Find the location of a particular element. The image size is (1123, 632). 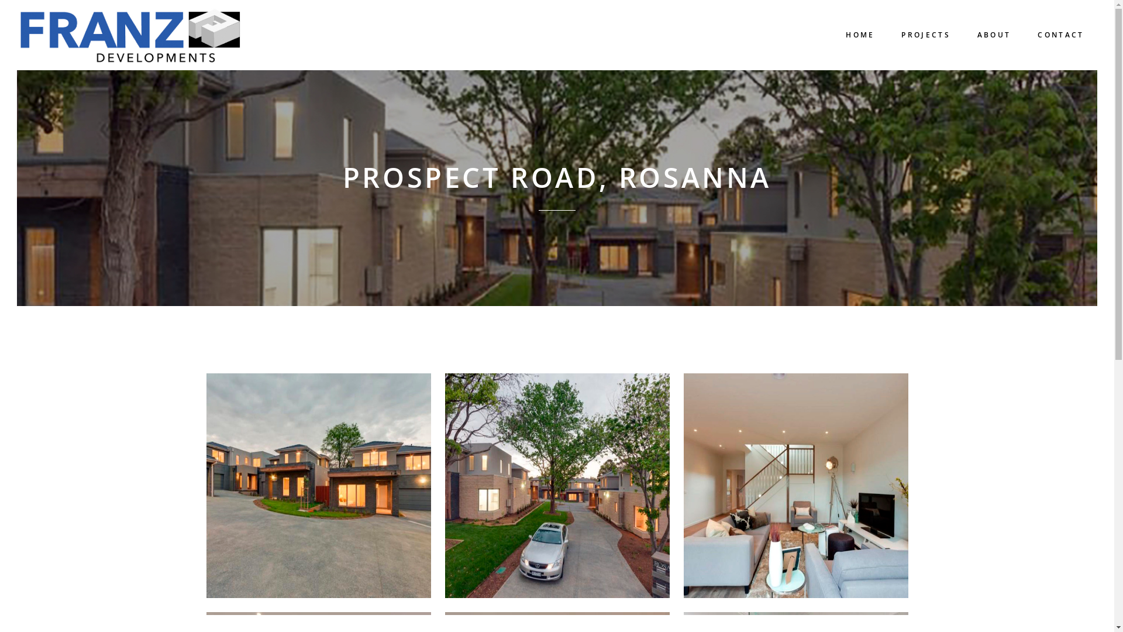

'ABOUT' is located at coordinates (993, 35).